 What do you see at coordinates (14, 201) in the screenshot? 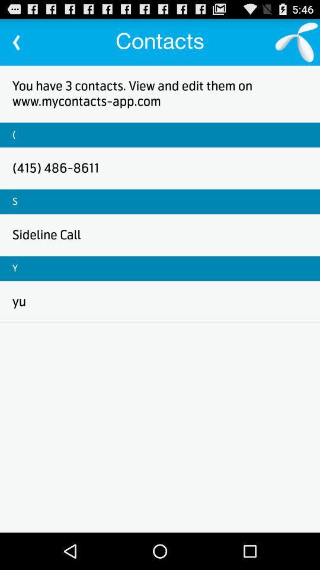
I see `s icon` at bounding box center [14, 201].